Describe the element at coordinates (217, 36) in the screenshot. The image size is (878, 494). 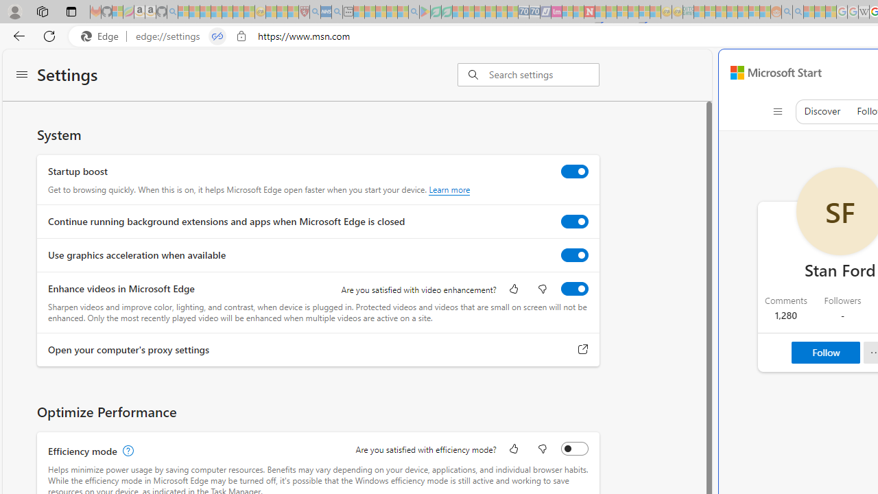
I see `'Tabs in split screen'` at that location.